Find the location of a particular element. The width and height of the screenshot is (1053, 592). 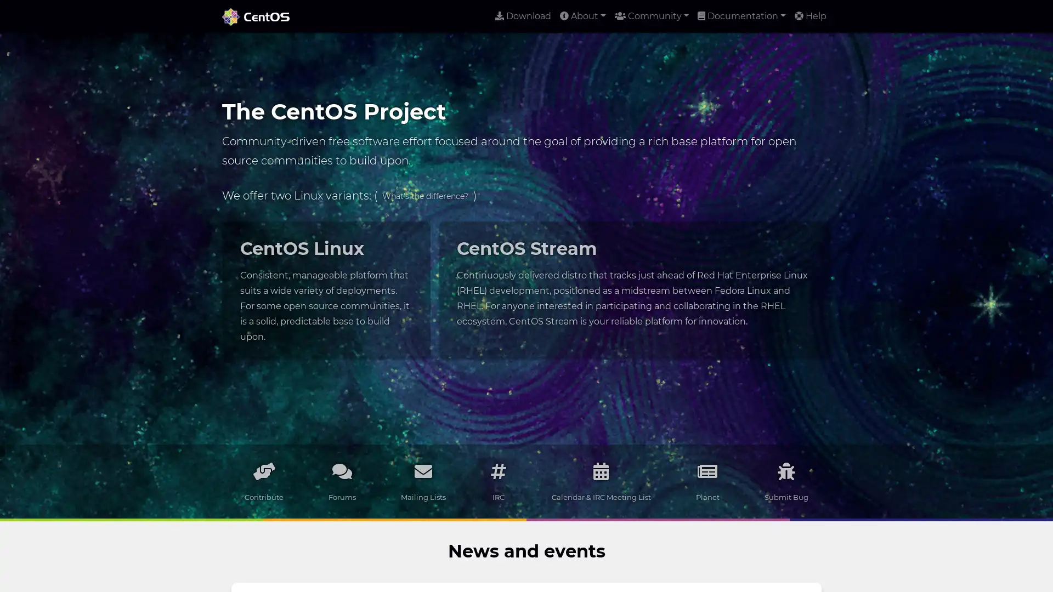

Submit Bug is located at coordinates (785, 481).